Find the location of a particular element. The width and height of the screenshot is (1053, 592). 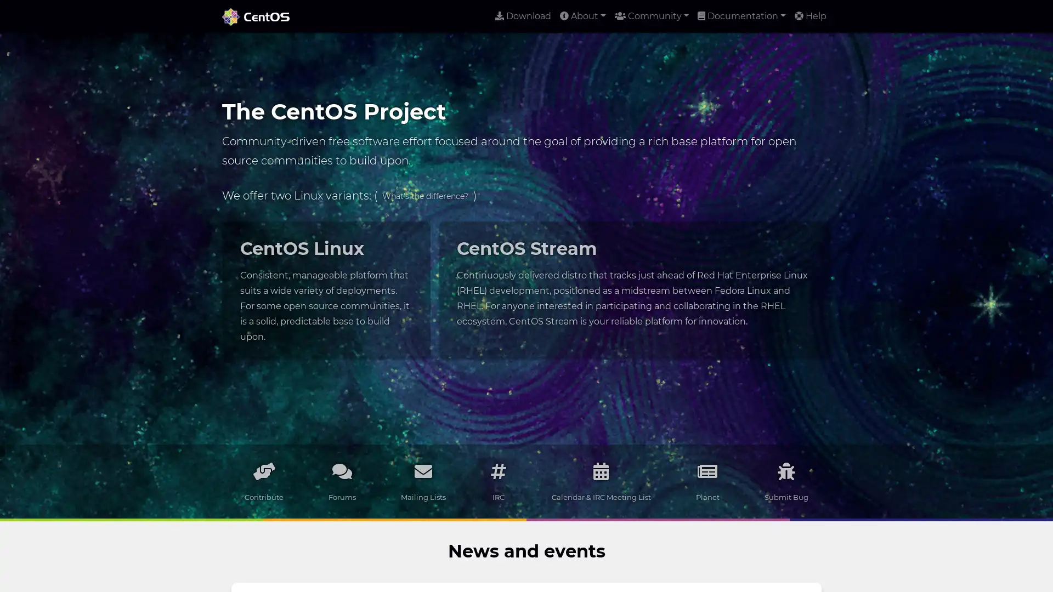

Submit Bug is located at coordinates (785, 481).